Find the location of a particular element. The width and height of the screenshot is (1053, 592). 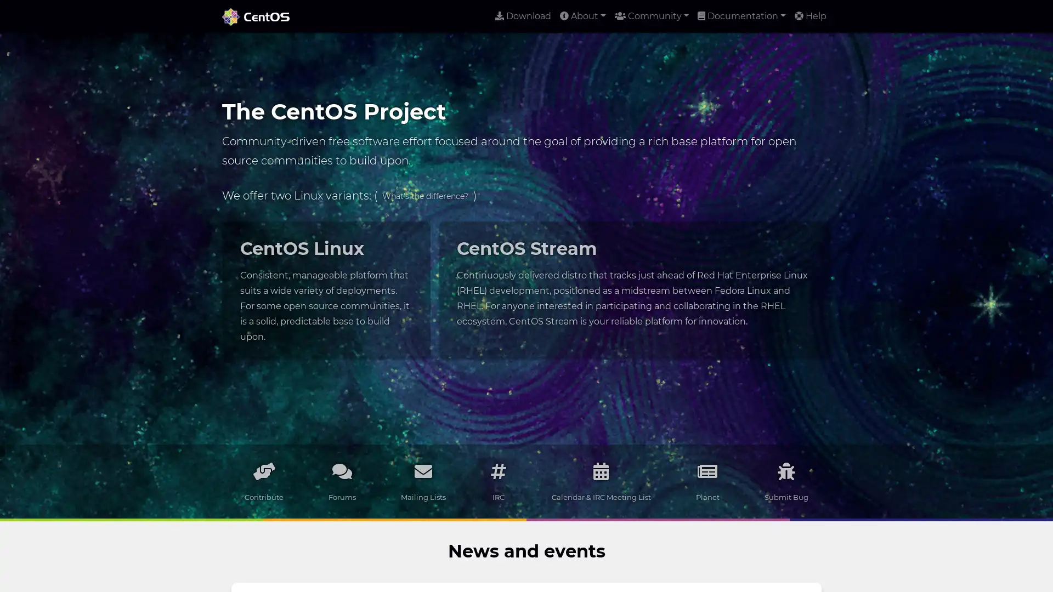

Submit Bug is located at coordinates (785, 481).